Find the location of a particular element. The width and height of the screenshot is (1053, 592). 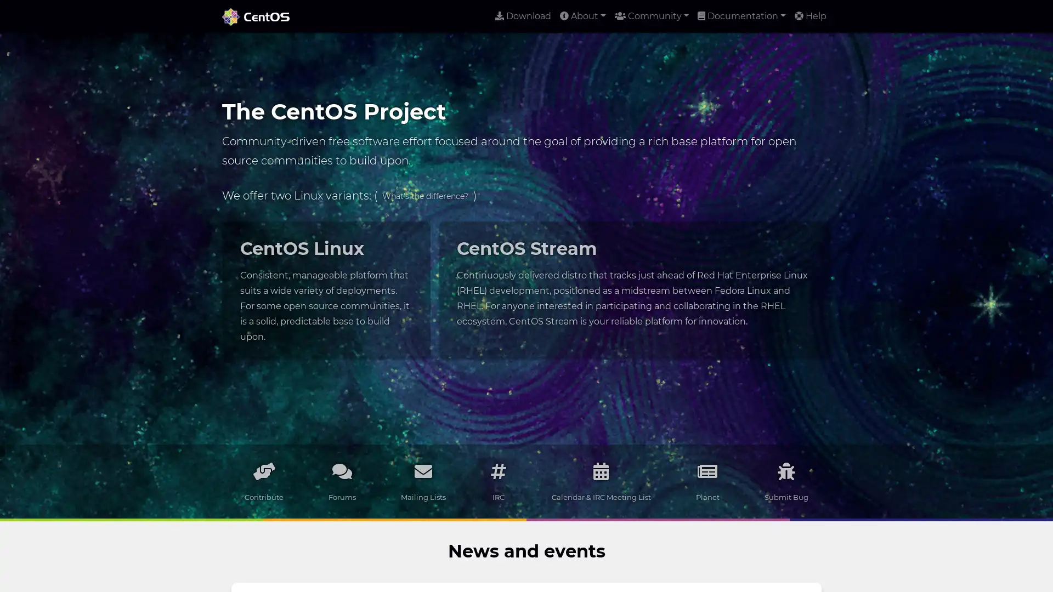

Submit Bug is located at coordinates (785, 481).